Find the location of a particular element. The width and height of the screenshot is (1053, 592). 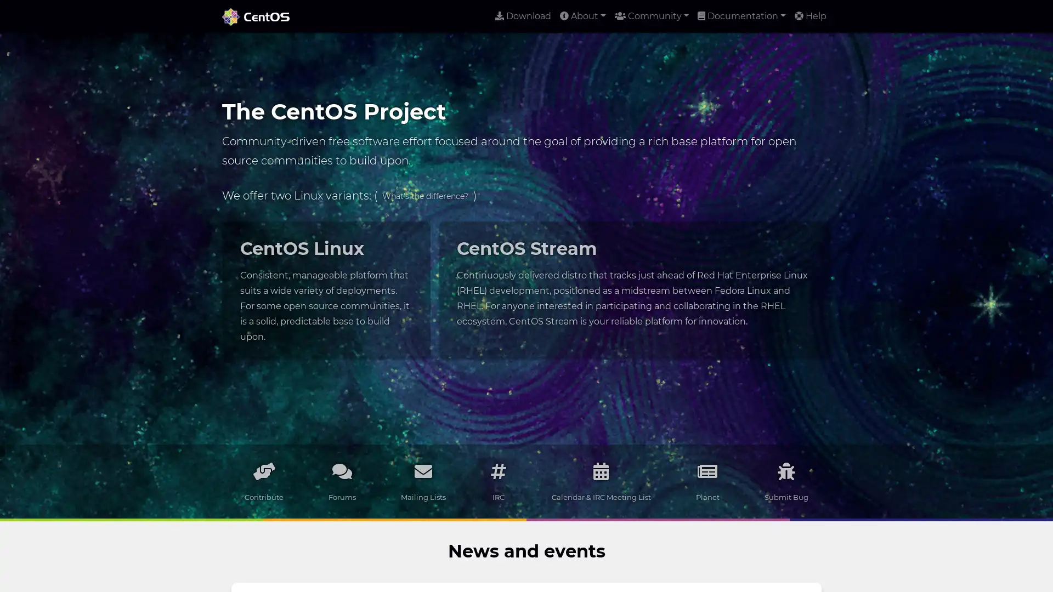

Submit Bug is located at coordinates (785, 481).